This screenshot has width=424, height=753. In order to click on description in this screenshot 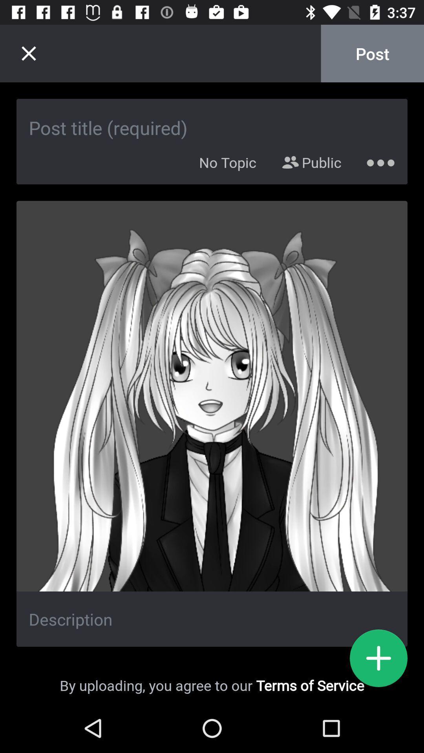, I will do `click(212, 618)`.